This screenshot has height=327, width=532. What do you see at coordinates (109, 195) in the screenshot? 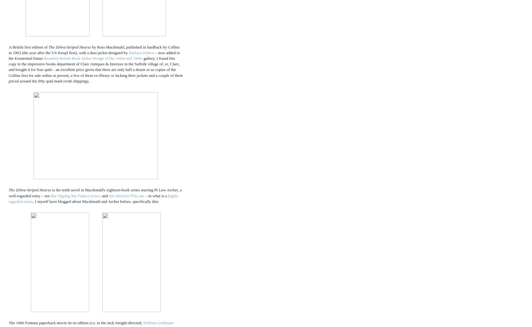
I see `'this Mystery*File one'` at bounding box center [109, 195].